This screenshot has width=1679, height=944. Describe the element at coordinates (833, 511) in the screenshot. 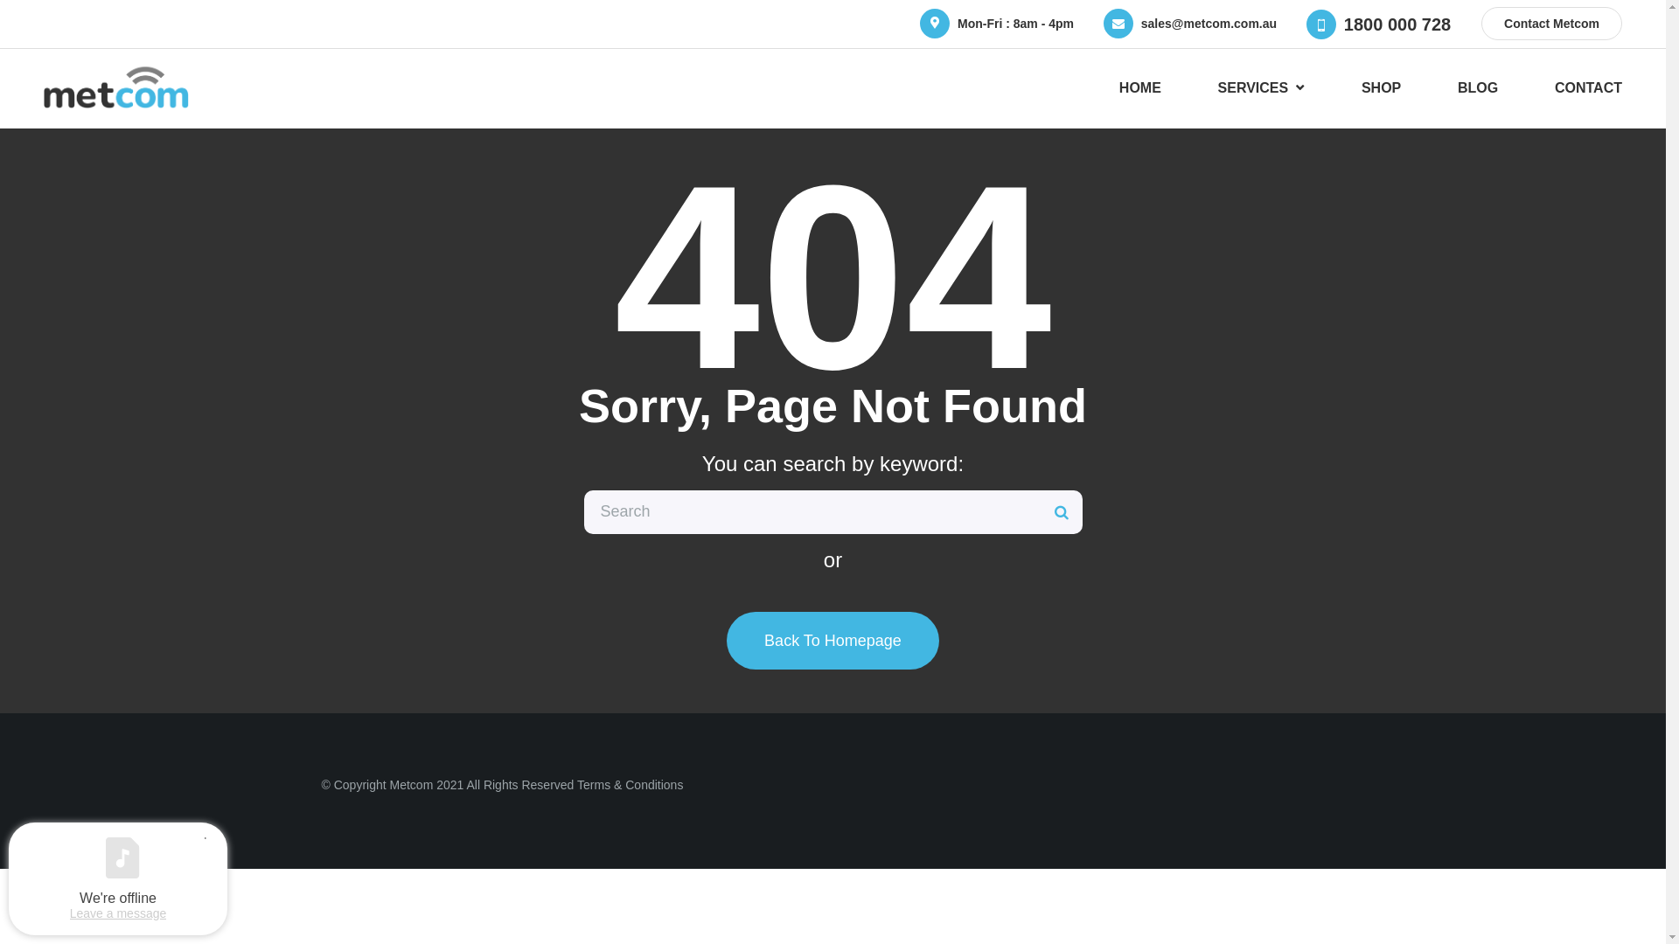

I see `'Search for:'` at that location.